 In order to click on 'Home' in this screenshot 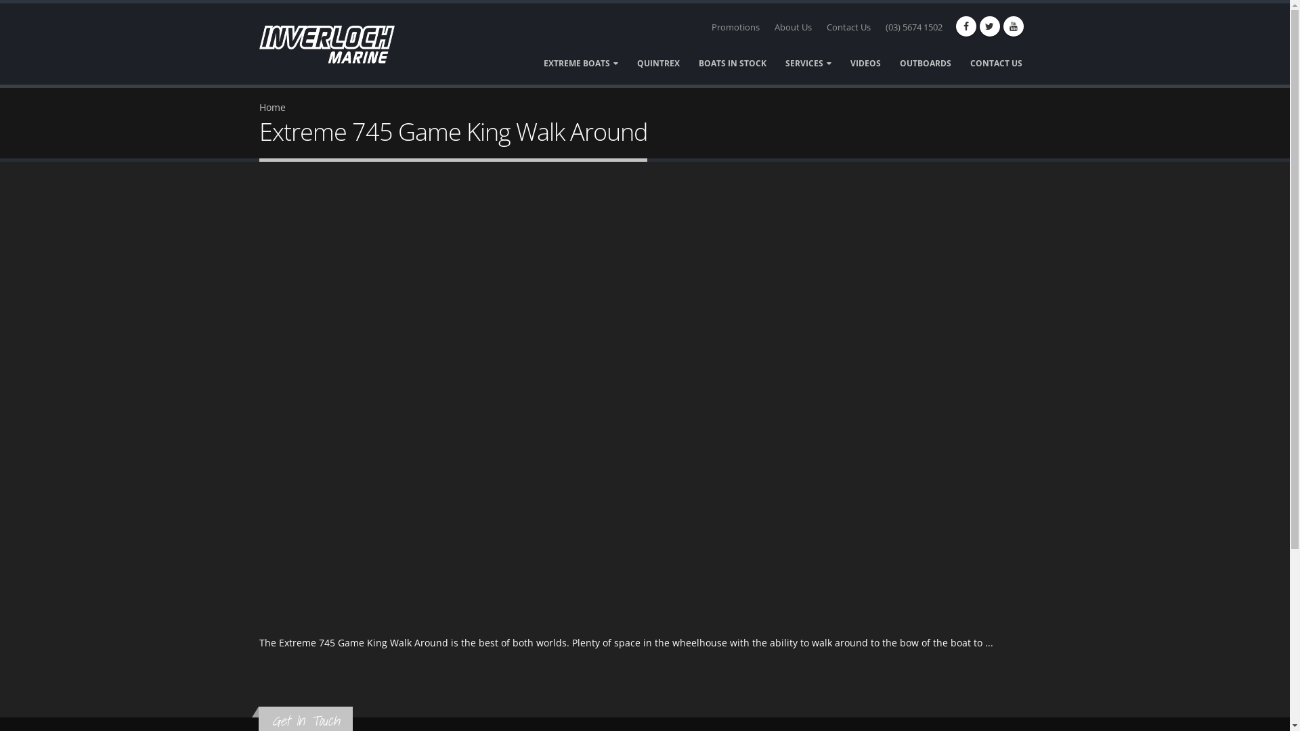, I will do `click(271, 106)`.